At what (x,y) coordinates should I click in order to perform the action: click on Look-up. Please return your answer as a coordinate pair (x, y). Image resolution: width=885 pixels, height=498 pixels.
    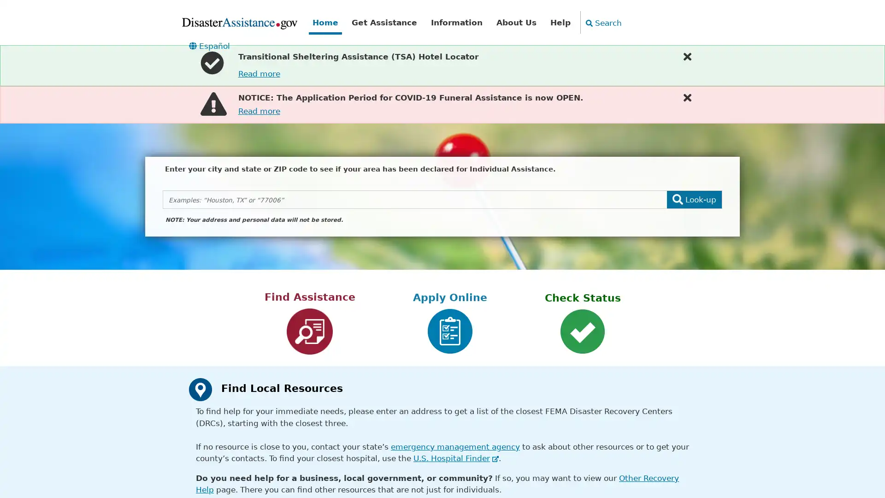
    Looking at the image, I should click on (694, 199).